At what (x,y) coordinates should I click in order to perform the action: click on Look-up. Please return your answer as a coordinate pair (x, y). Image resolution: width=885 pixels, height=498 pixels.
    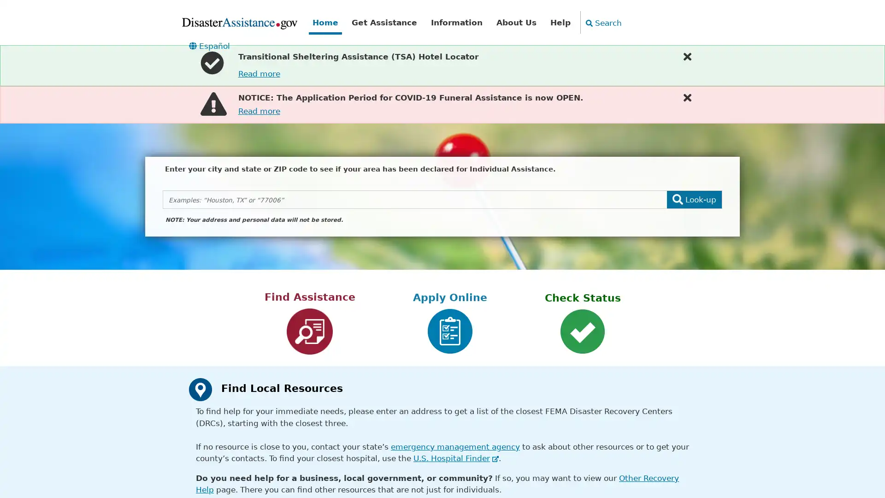
    Looking at the image, I should click on (694, 199).